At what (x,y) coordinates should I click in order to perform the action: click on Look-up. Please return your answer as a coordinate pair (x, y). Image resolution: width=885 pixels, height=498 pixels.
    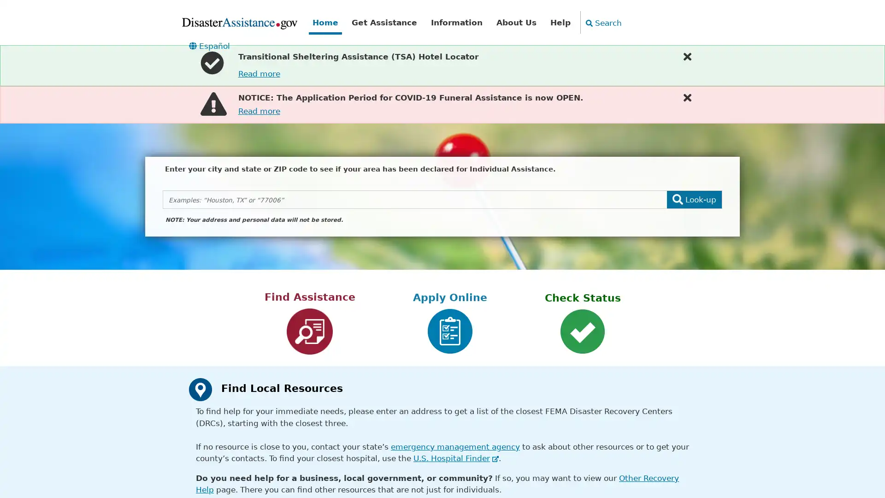
    Looking at the image, I should click on (694, 199).